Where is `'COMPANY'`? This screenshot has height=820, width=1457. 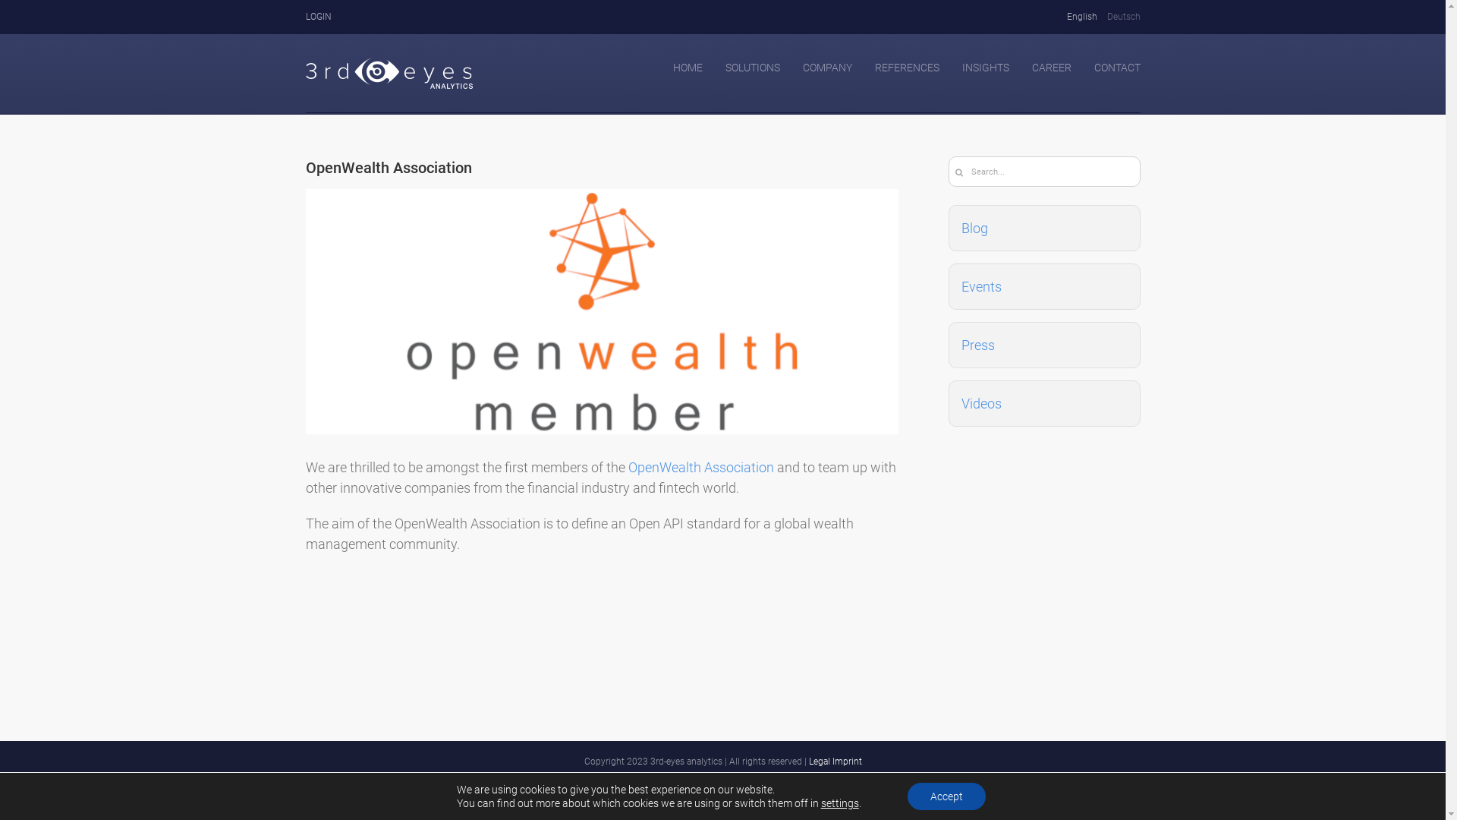 'COMPANY' is located at coordinates (826, 65).